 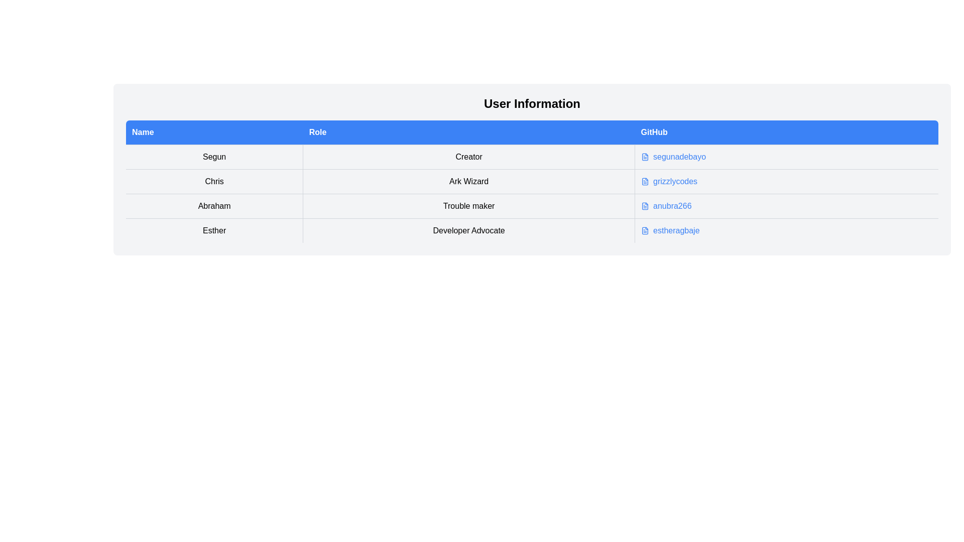 What do you see at coordinates (645, 206) in the screenshot?
I see `the SVG icon resembling a document or file, which is located adjacent to the text 'anubra266' in the GitHub column of the user table` at bounding box center [645, 206].